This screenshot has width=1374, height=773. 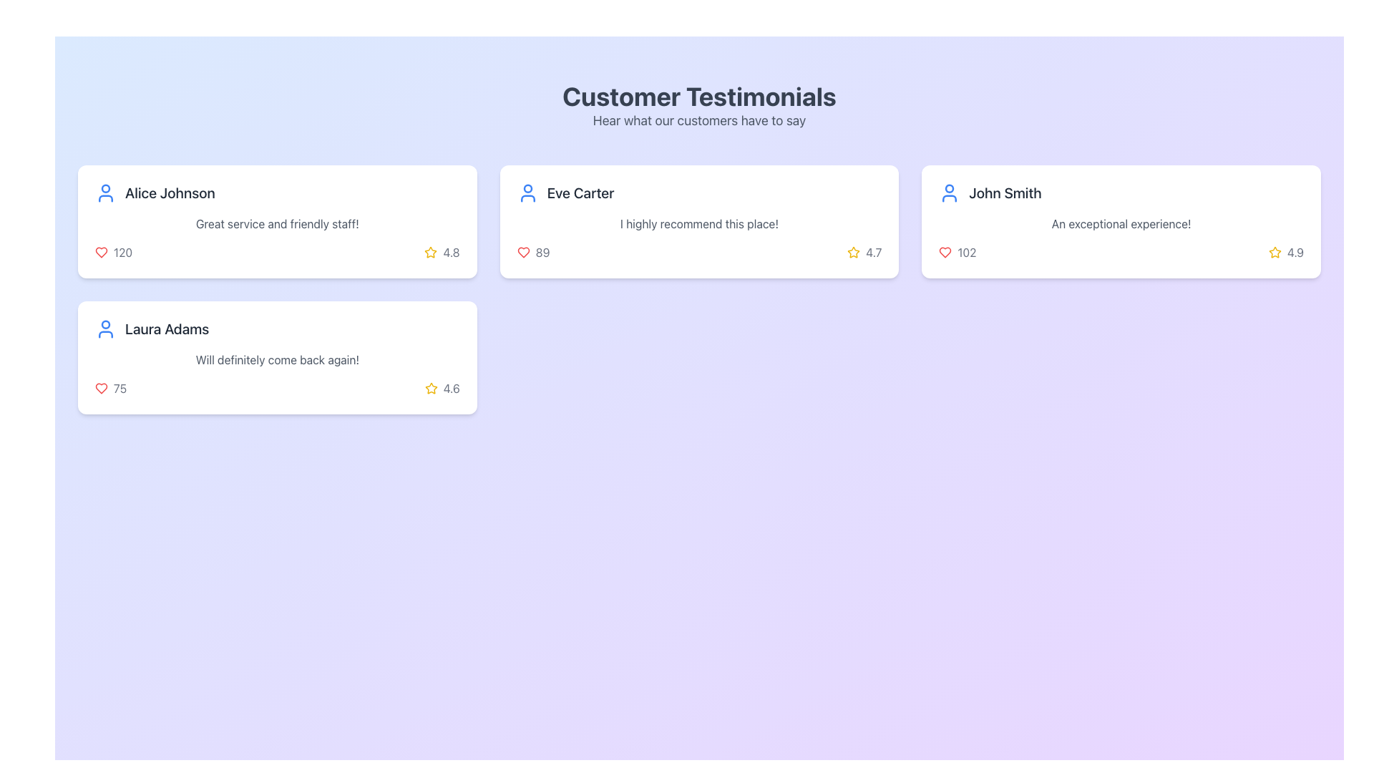 I want to click on the heart-shaped icon representing the 'like' or 'favorite' action located adjacent to the numeric value '89' in Eve Carter's testimonial card, so click(x=522, y=252).